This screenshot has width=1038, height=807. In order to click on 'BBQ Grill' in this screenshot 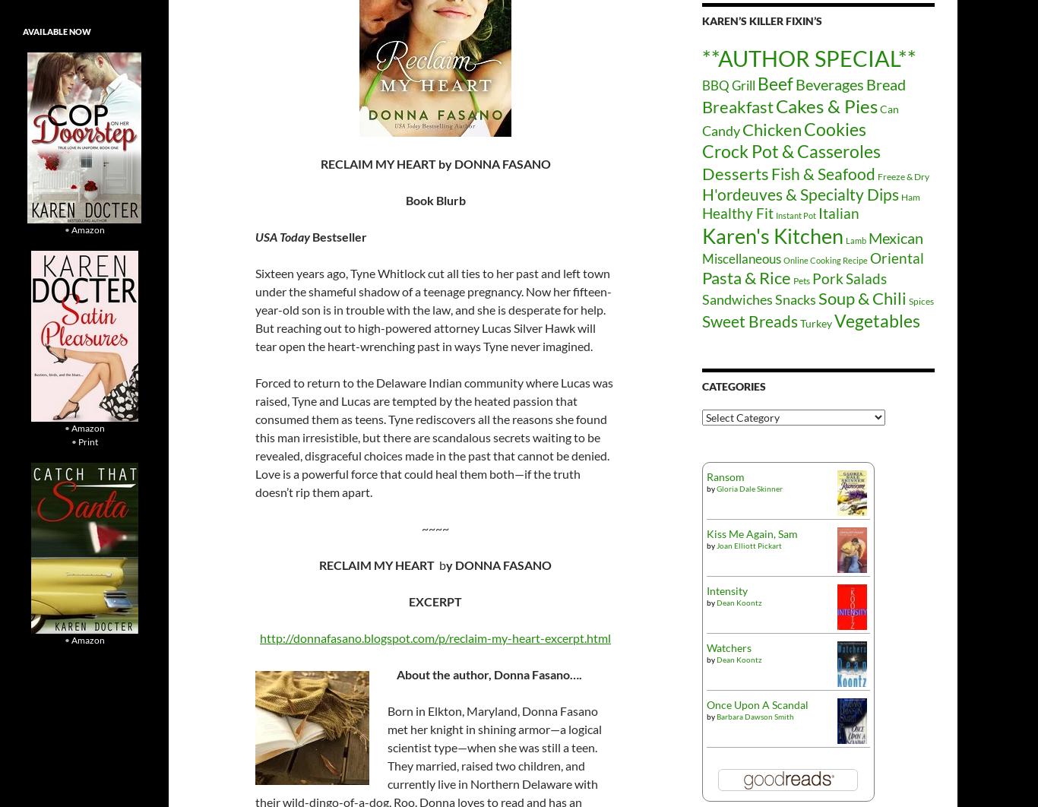, I will do `click(728, 84)`.